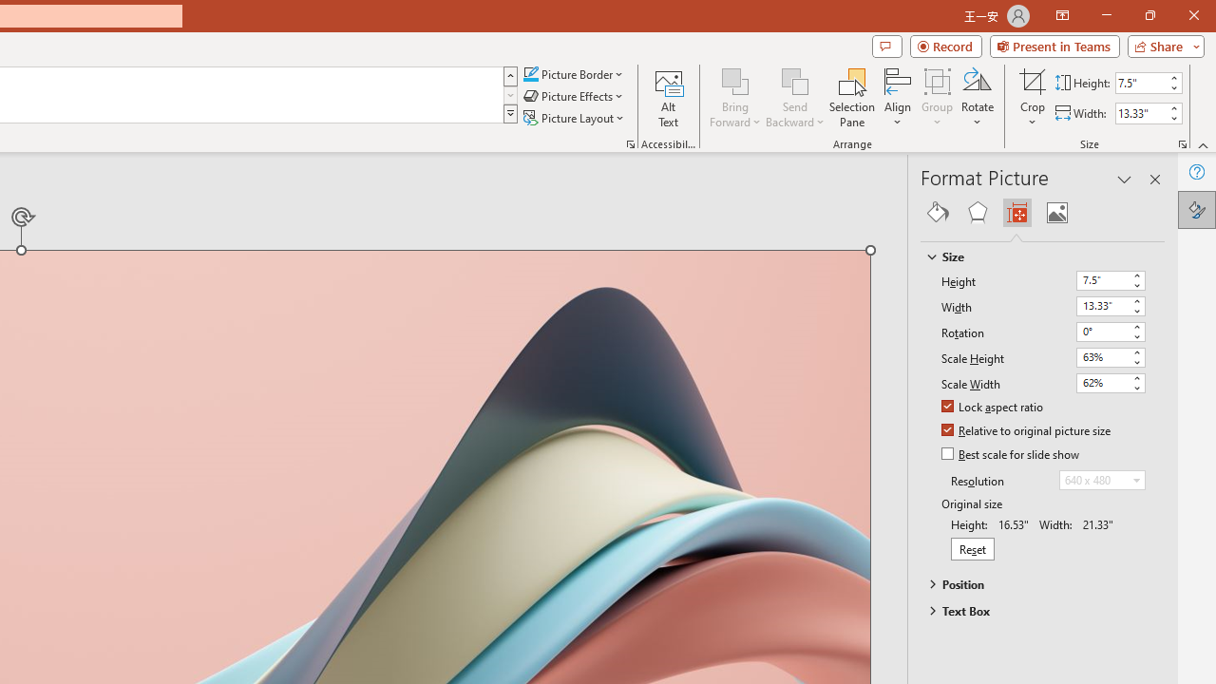 The image size is (1216, 684). What do you see at coordinates (1016, 212) in the screenshot?
I see `'Size & Properties'` at bounding box center [1016, 212].